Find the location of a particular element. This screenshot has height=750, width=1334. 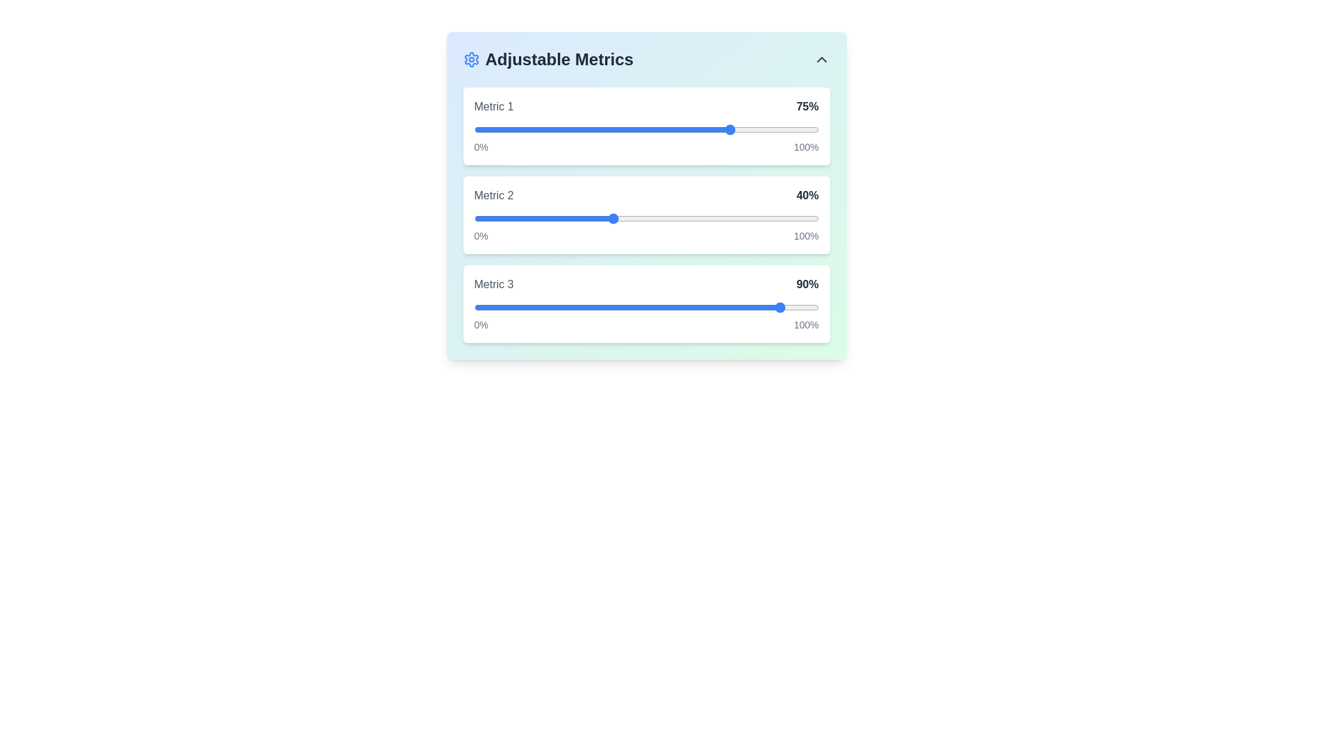

the Metric 1 slider is located at coordinates (560, 129).